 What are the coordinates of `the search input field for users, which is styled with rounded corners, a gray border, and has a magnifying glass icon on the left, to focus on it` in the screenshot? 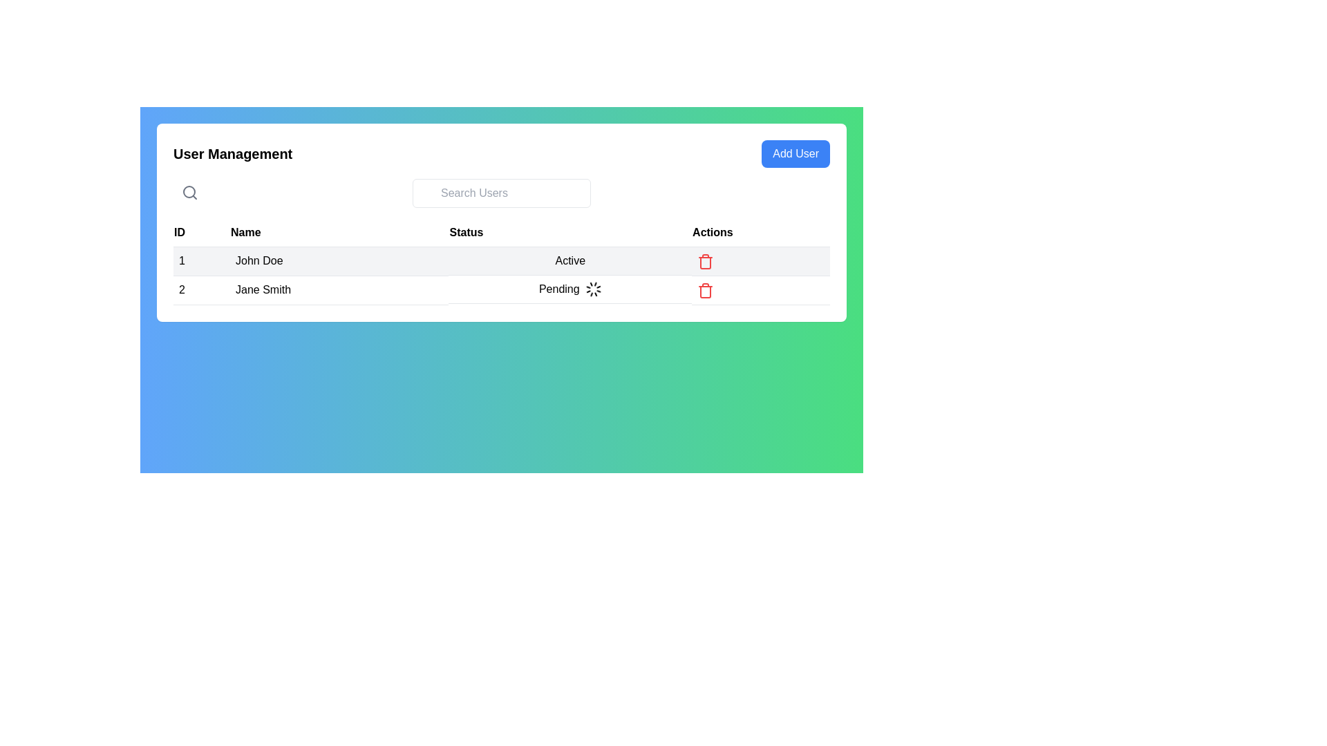 It's located at (500, 193).